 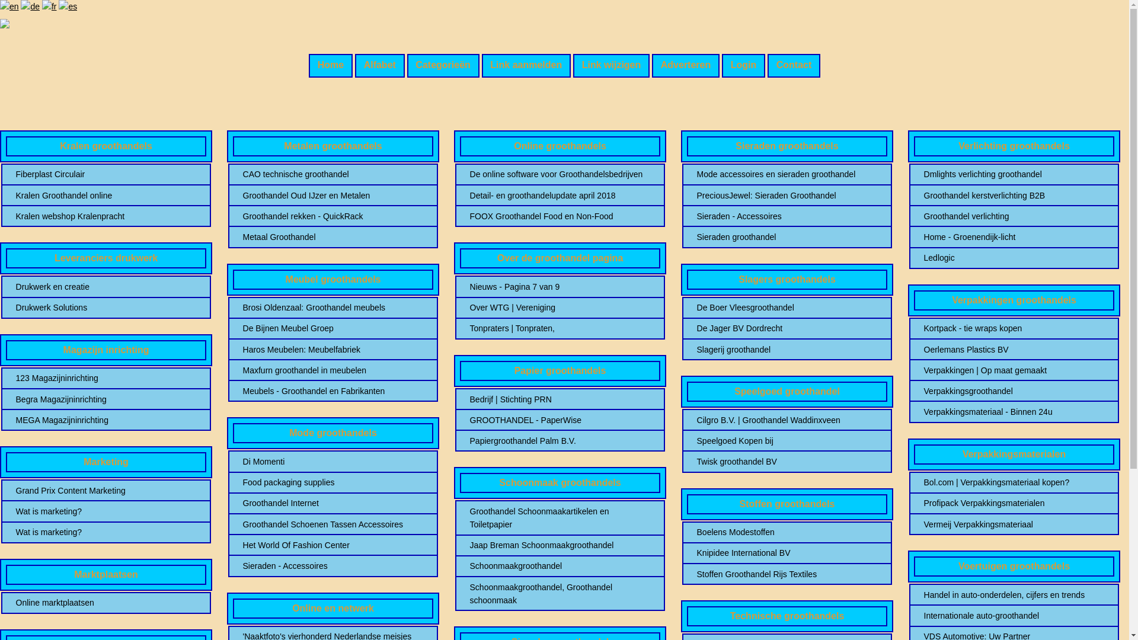 I want to click on 'Metaal Groothandel', so click(x=333, y=237).